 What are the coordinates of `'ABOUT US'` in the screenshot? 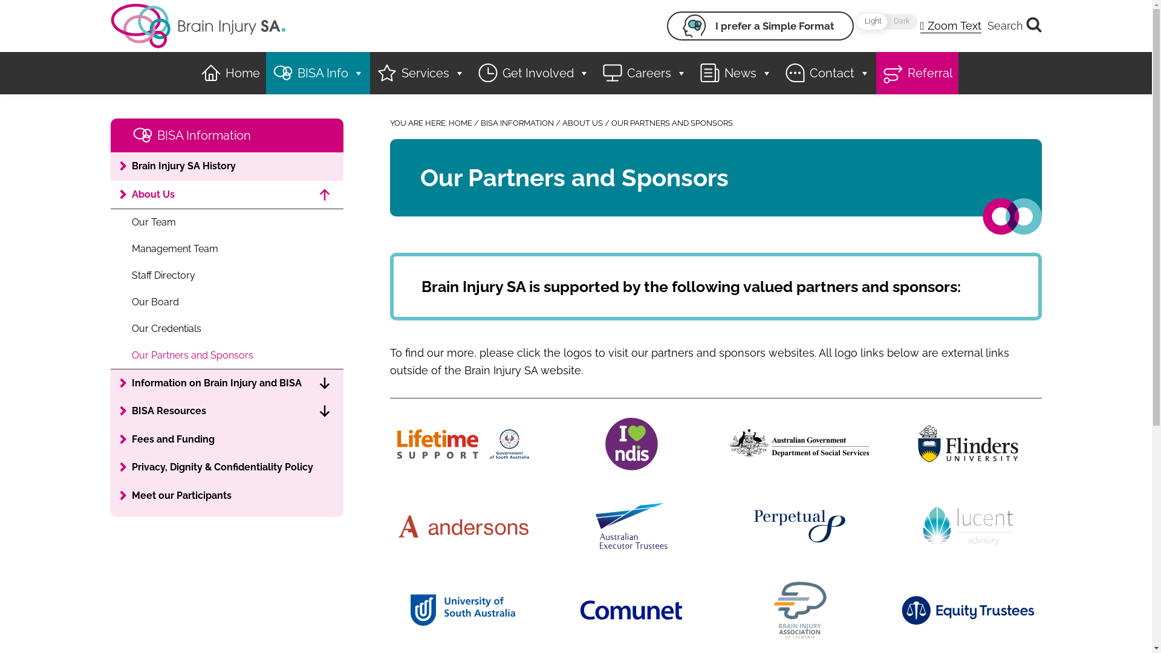 It's located at (582, 123).